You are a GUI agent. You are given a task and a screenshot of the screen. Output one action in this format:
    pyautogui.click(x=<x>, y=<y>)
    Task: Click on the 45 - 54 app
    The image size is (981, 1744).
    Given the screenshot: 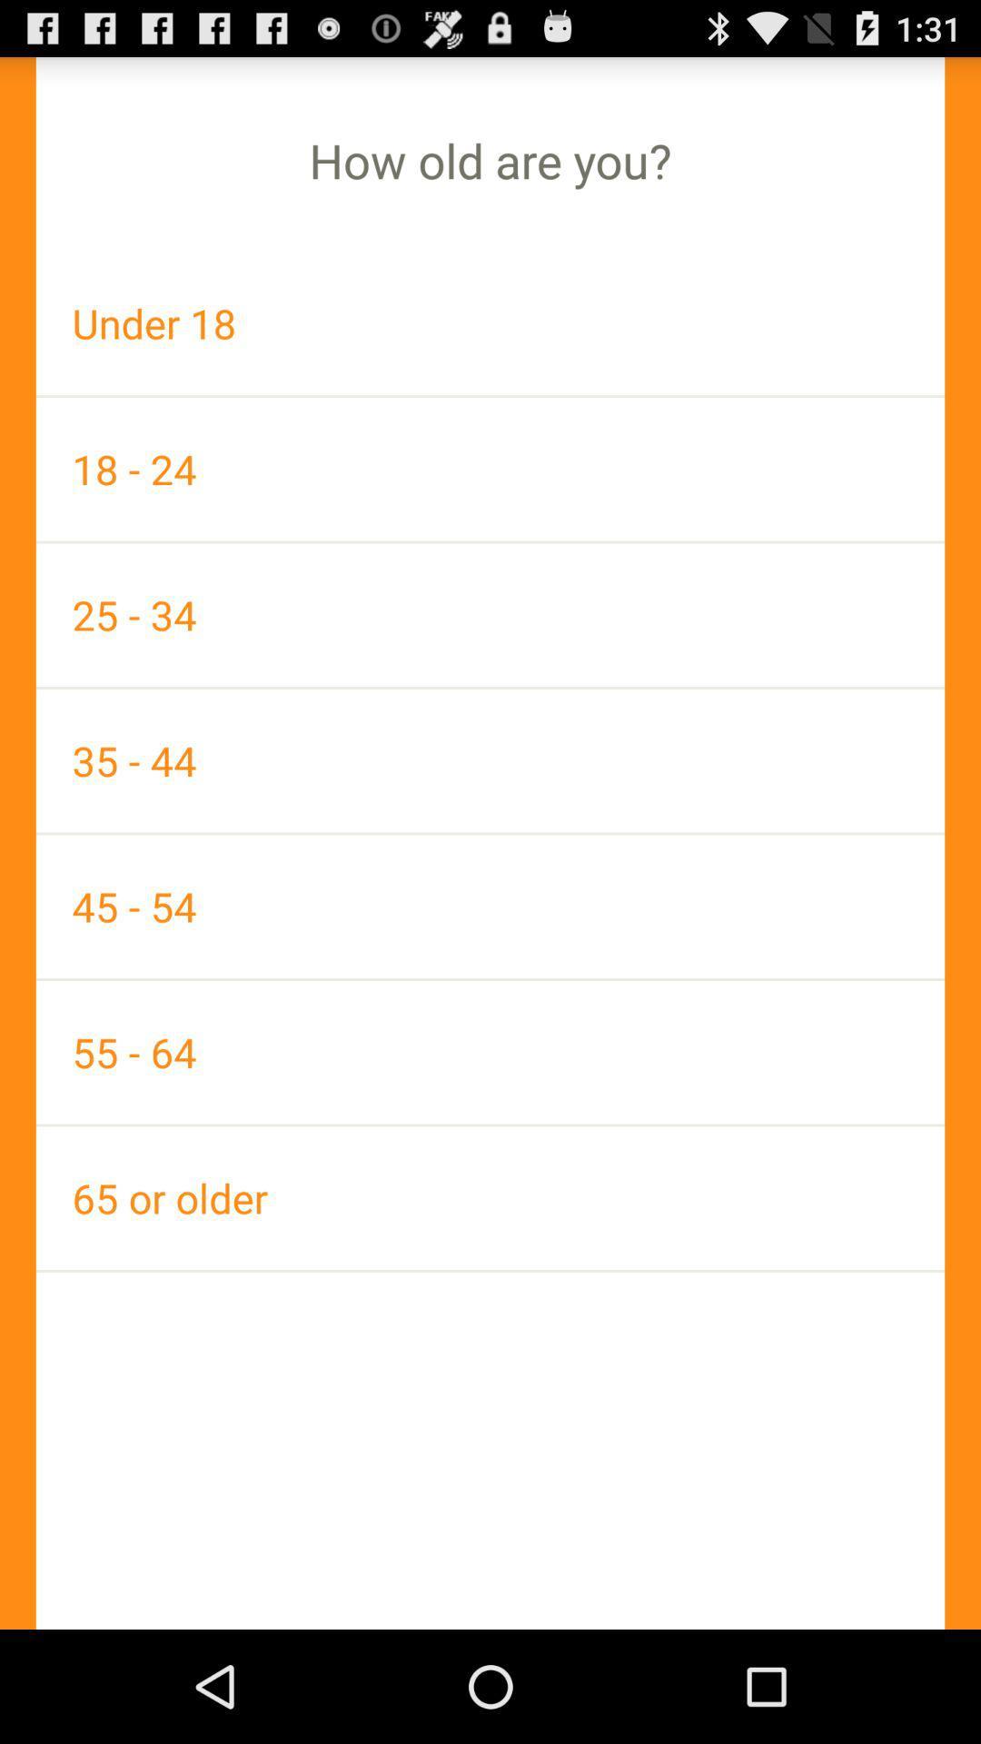 What is the action you would take?
    pyautogui.click(x=490, y=907)
    